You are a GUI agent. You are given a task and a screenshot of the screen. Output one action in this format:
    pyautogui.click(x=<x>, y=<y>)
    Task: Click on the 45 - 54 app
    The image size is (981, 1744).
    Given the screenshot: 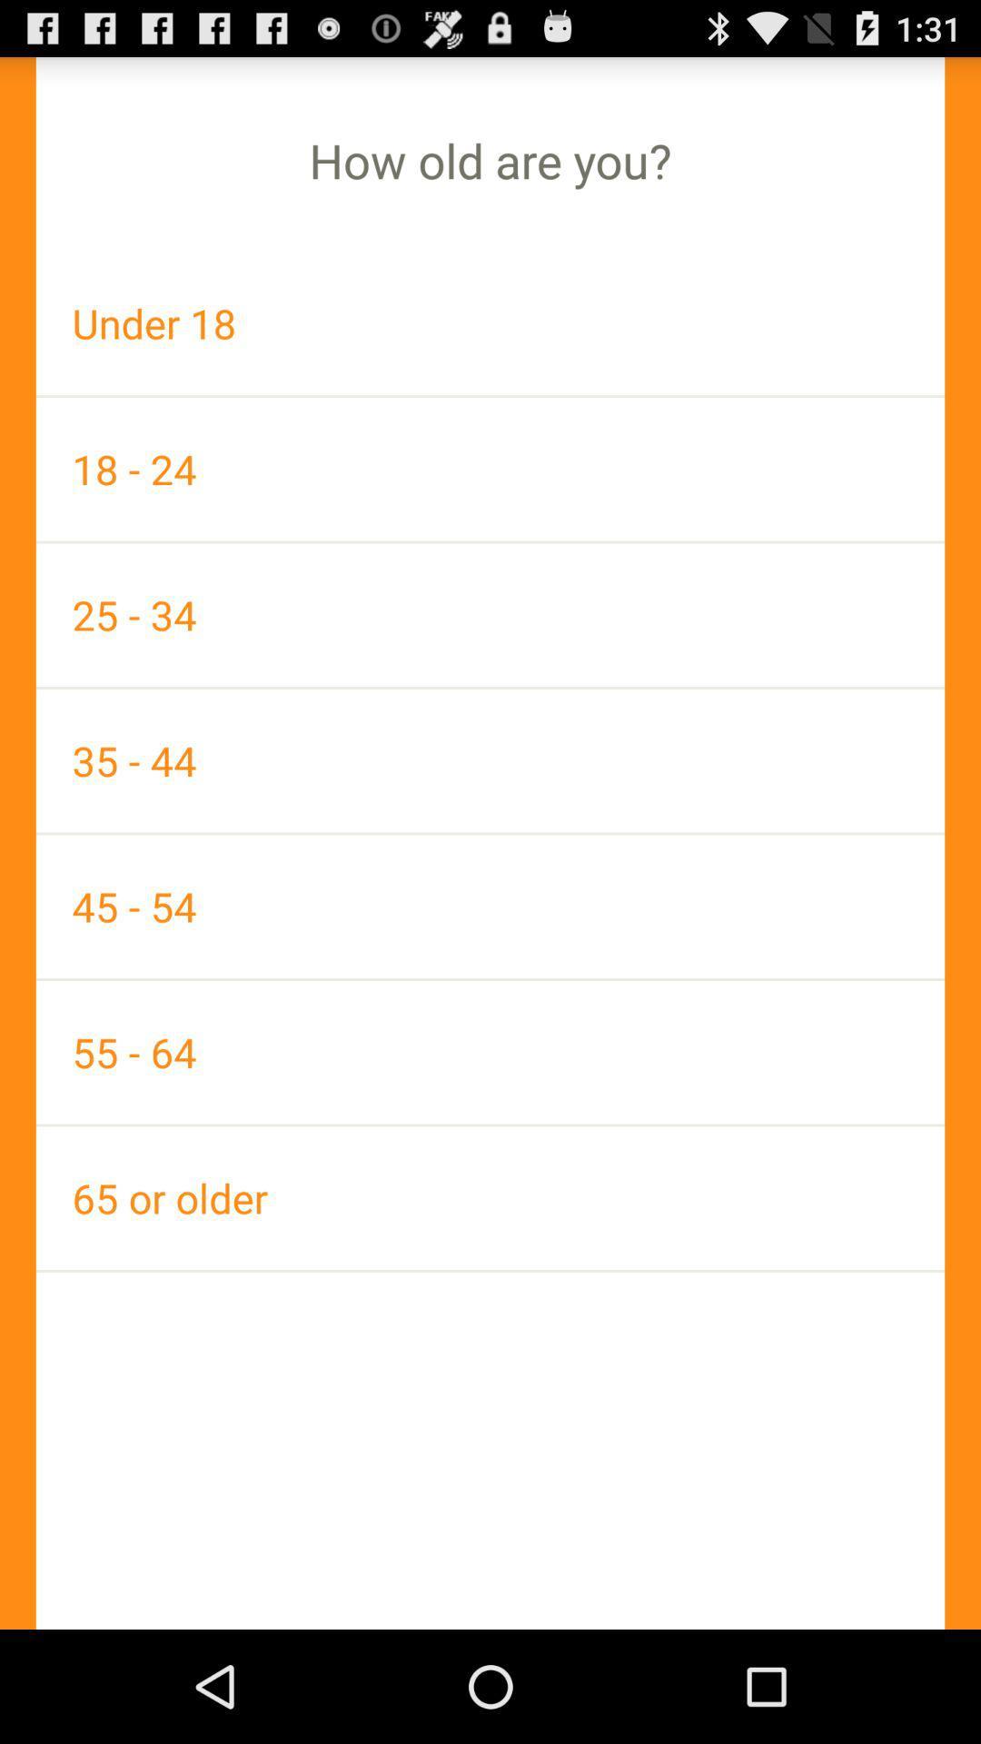 What is the action you would take?
    pyautogui.click(x=490, y=907)
    